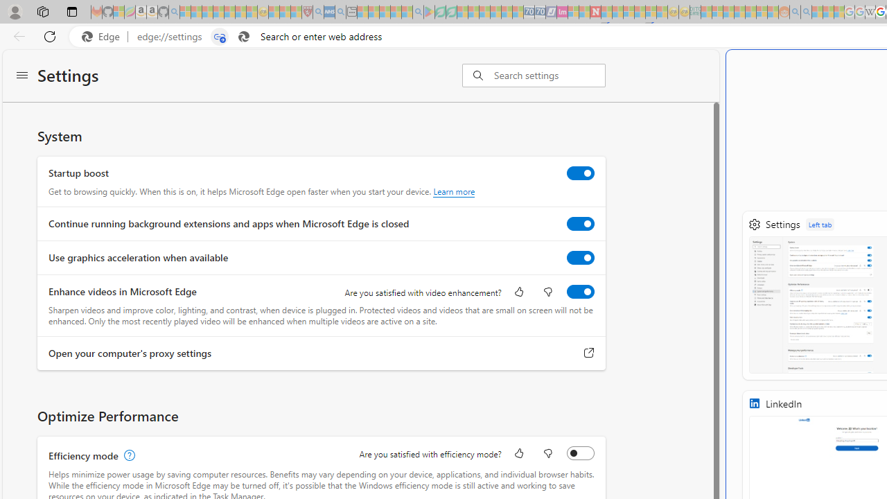 This screenshot has height=499, width=887. I want to click on 'Efficiency mode, learn more', so click(128, 455).